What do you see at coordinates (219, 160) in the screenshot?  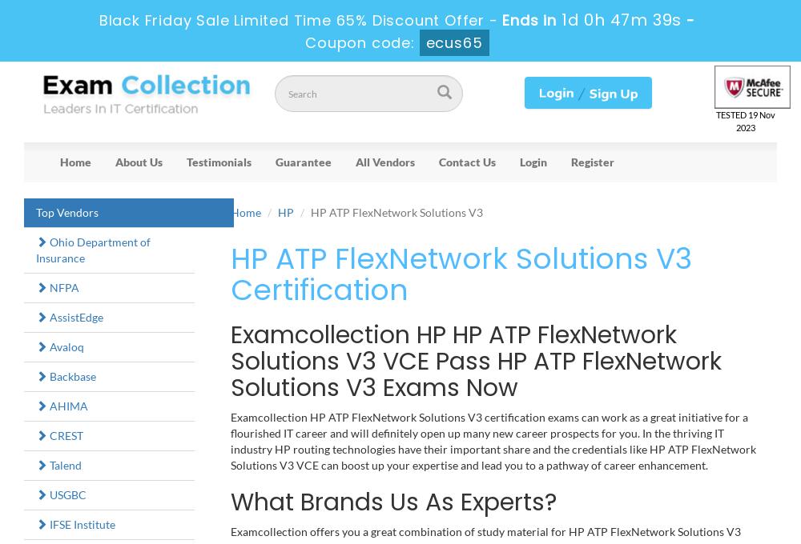 I see `'Testimonials'` at bounding box center [219, 160].